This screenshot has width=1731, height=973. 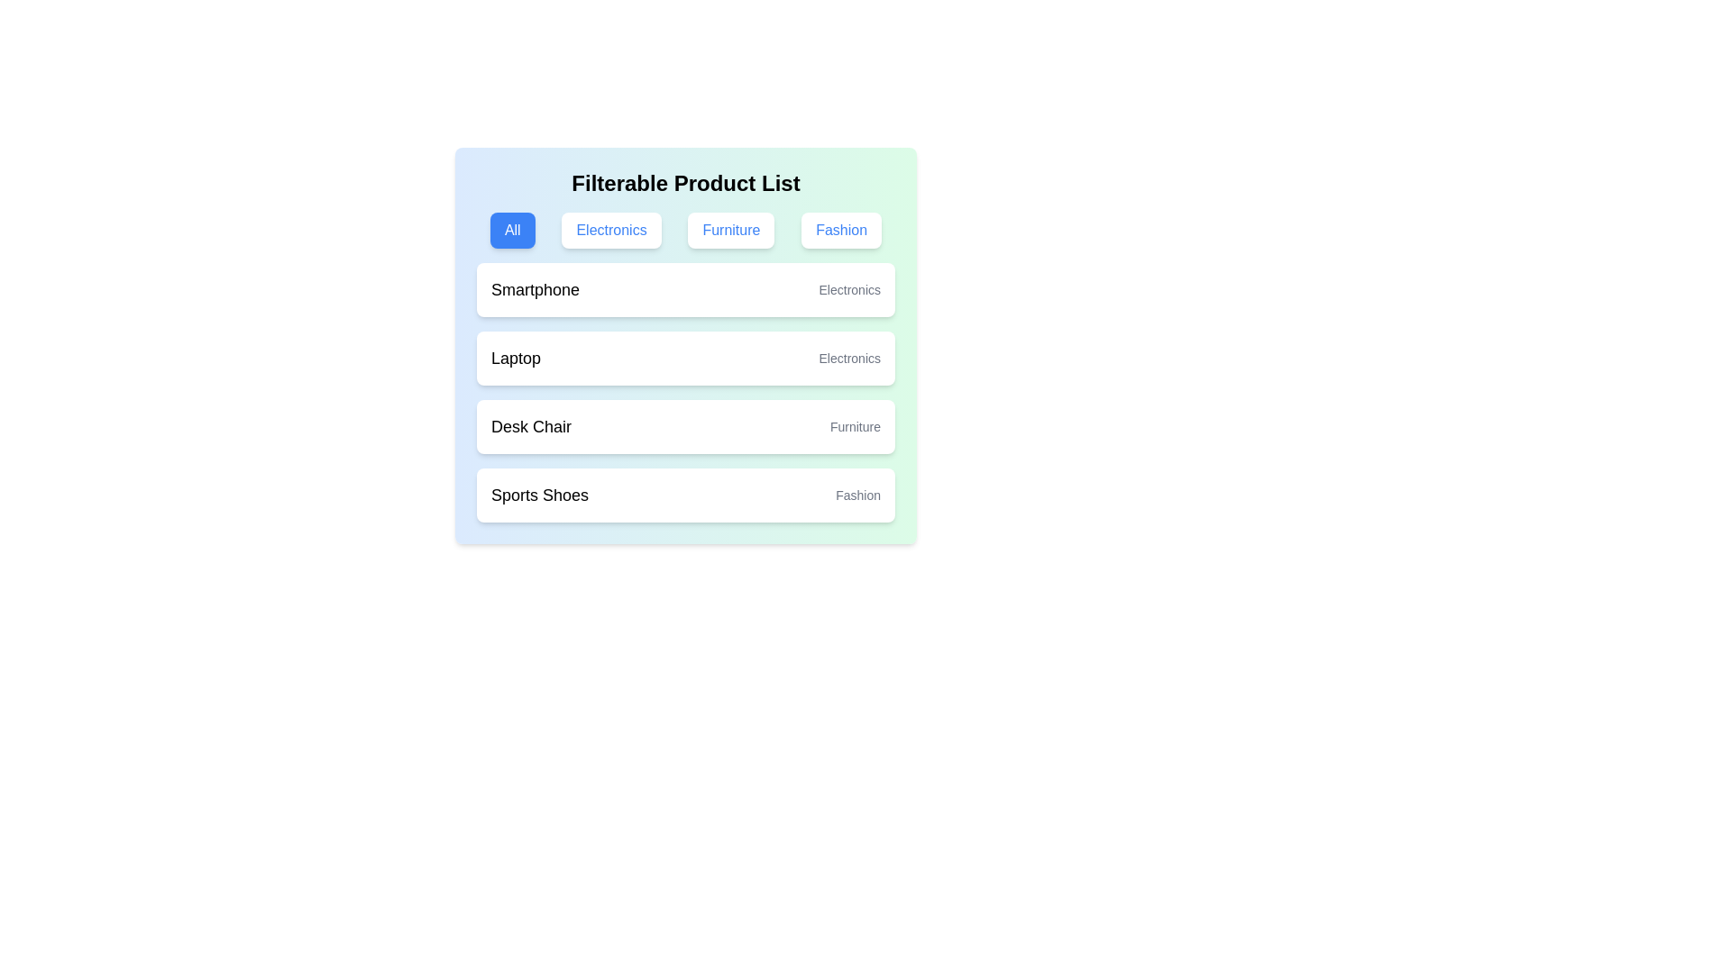 I want to click on the category button labeled All to filter products, so click(x=511, y=229).